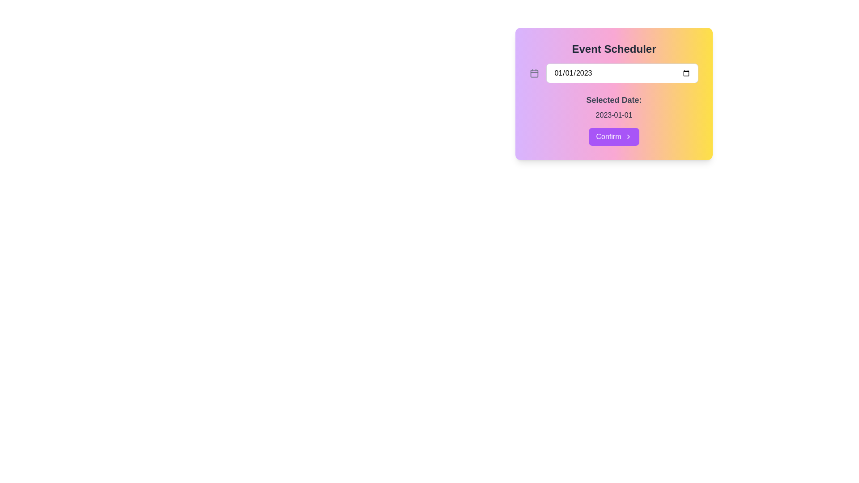  What do you see at coordinates (613, 100) in the screenshot?
I see `the label indicating the selected date, which is positioned above the date '2023-01-01' in the interface` at bounding box center [613, 100].